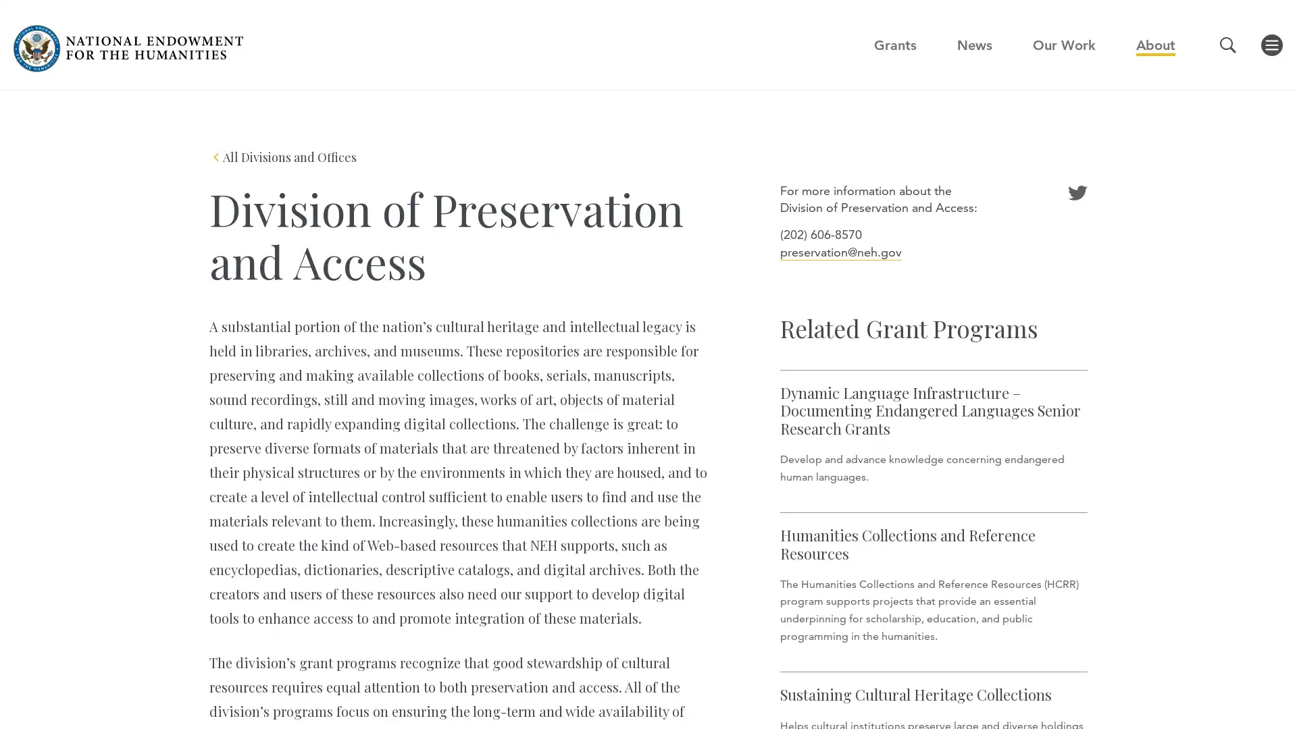 This screenshot has width=1297, height=729. What do you see at coordinates (889, 61) in the screenshot?
I see `GO` at bounding box center [889, 61].